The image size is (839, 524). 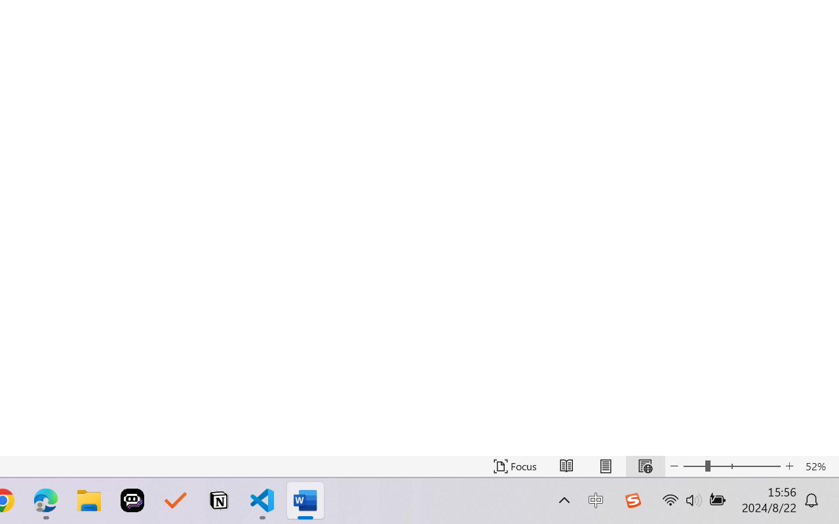 I want to click on 'Print Layout', so click(x=605, y=466).